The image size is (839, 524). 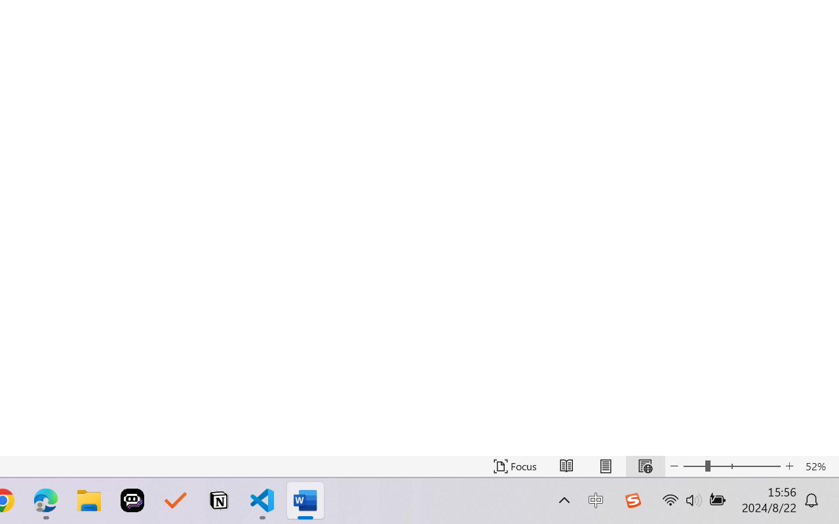 I want to click on 'Print Layout', so click(x=605, y=466).